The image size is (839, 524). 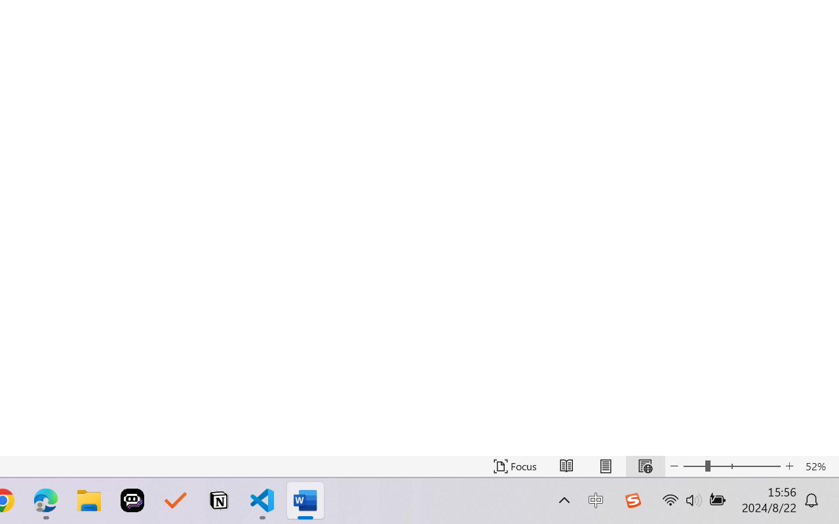 I want to click on 'Print Layout', so click(x=605, y=466).